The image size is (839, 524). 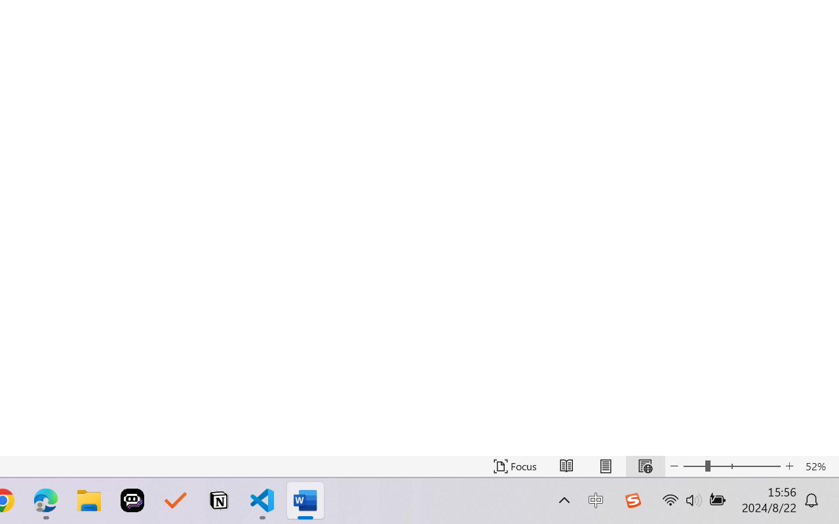 I want to click on 'Print Layout', so click(x=605, y=466).